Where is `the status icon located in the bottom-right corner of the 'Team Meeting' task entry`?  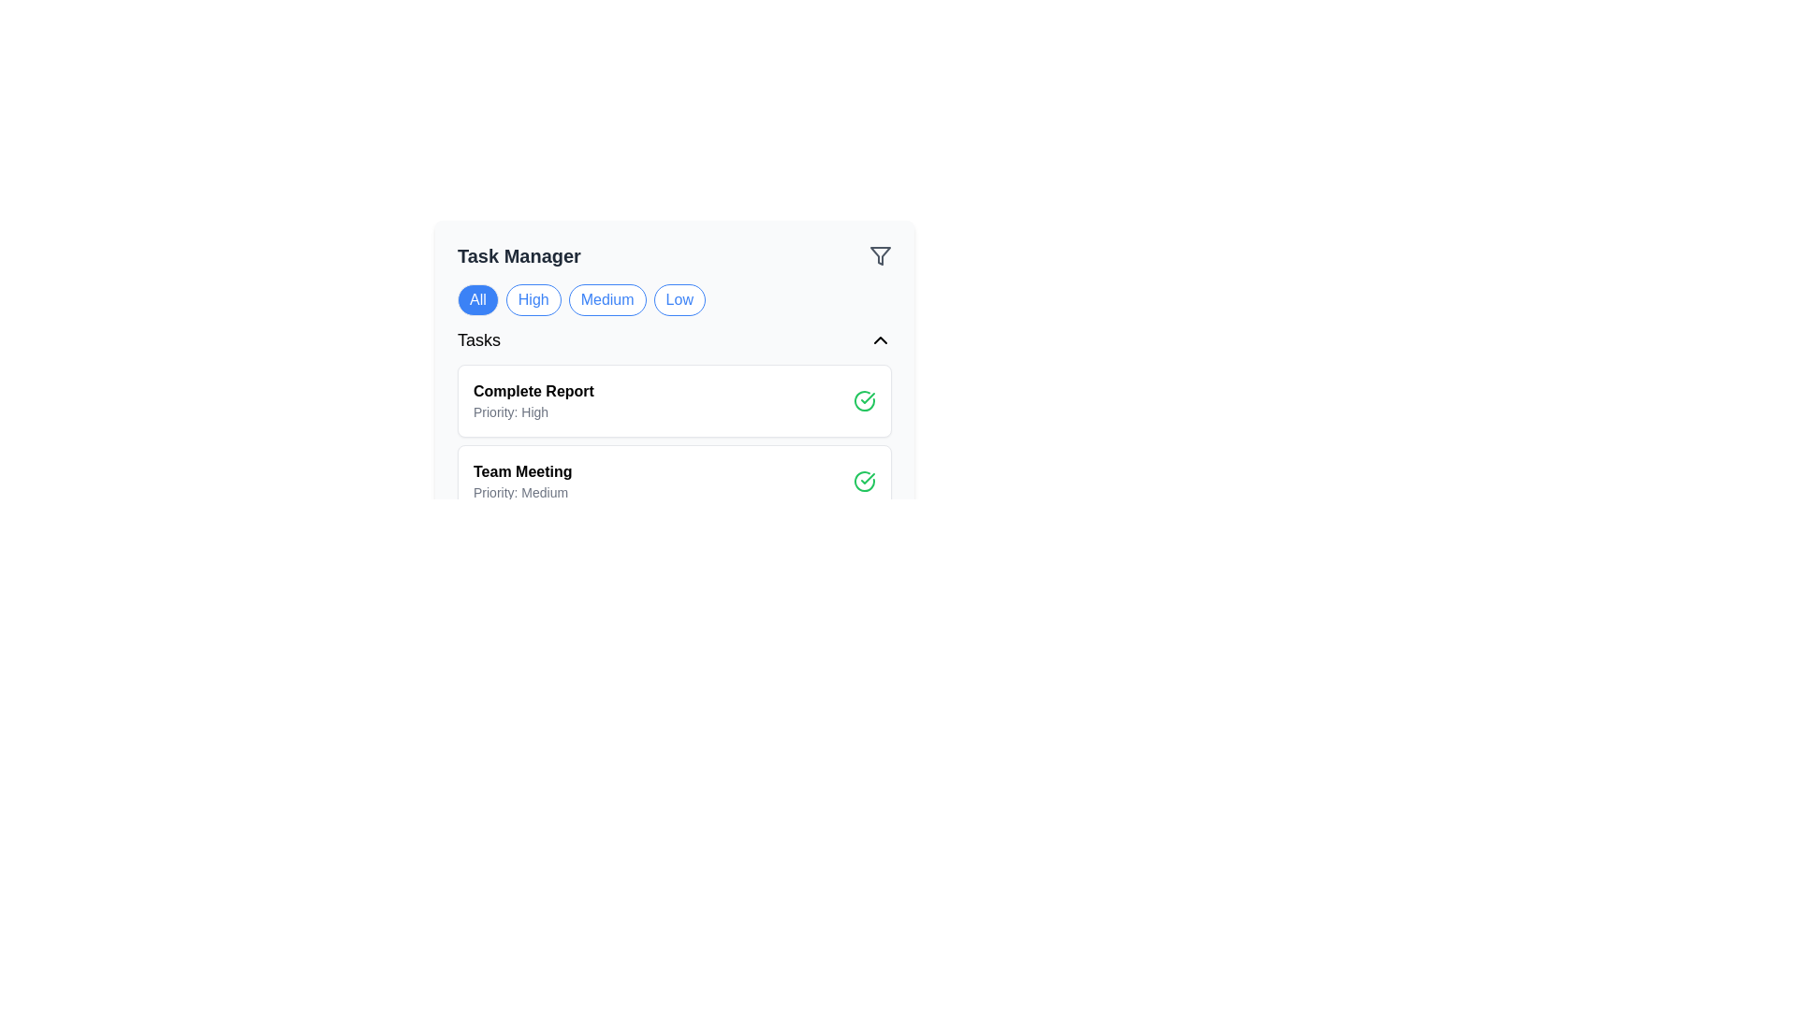 the status icon located in the bottom-right corner of the 'Team Meeting' task entry is located at coordinates (864, 481).